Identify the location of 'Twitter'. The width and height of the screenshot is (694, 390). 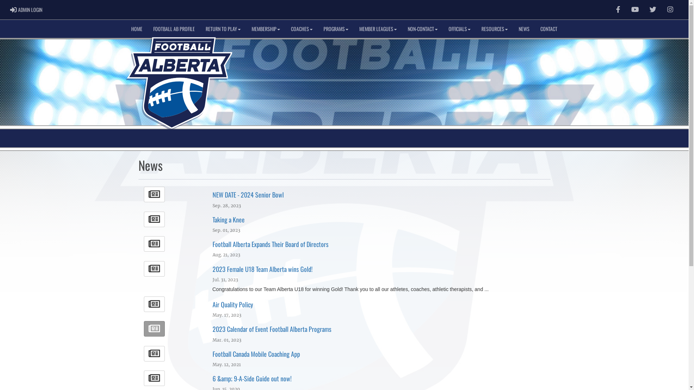
(653, 10).